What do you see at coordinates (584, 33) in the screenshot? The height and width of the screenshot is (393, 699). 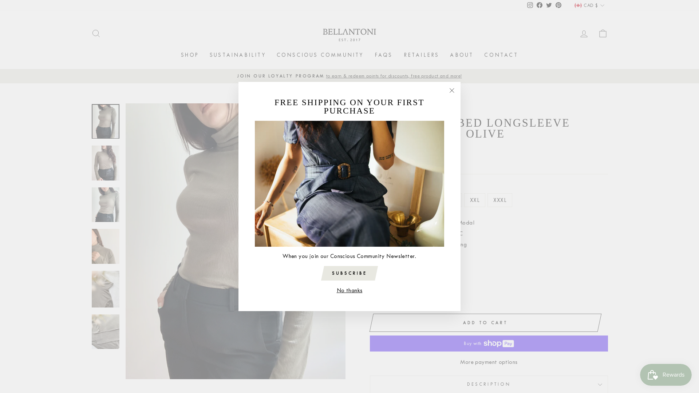 I see `'LOG IN'` at bounding box center [584, 33].